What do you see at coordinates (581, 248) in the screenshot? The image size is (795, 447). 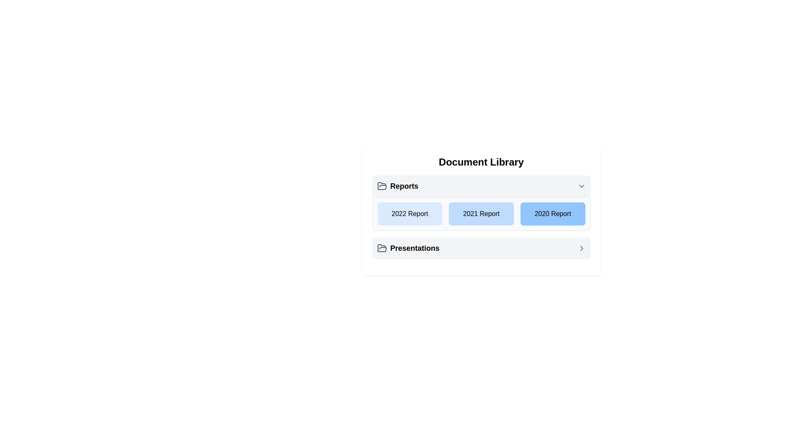 I see `the right-pointing chevron icon, which is part of a graphical user interface and styled as a scalable vector graphic (SVG)` at bounding box center [581, 248].